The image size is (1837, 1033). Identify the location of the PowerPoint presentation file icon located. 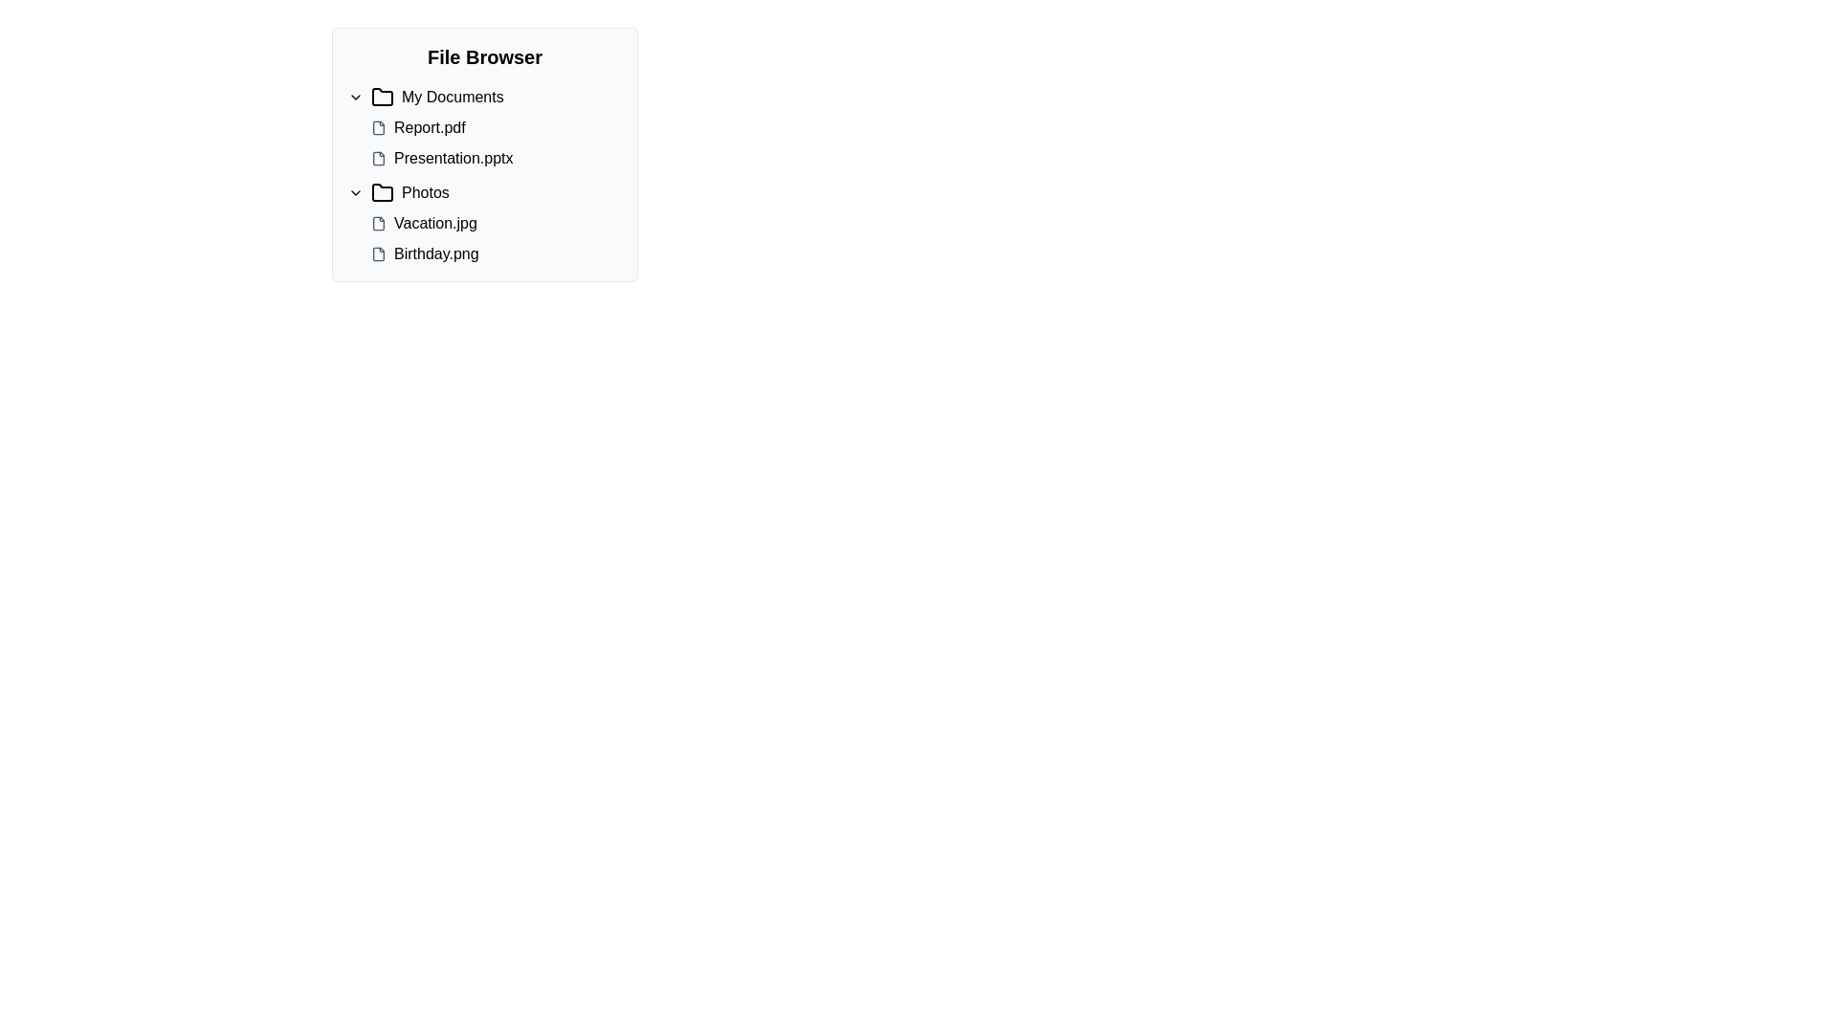
(378, 157).